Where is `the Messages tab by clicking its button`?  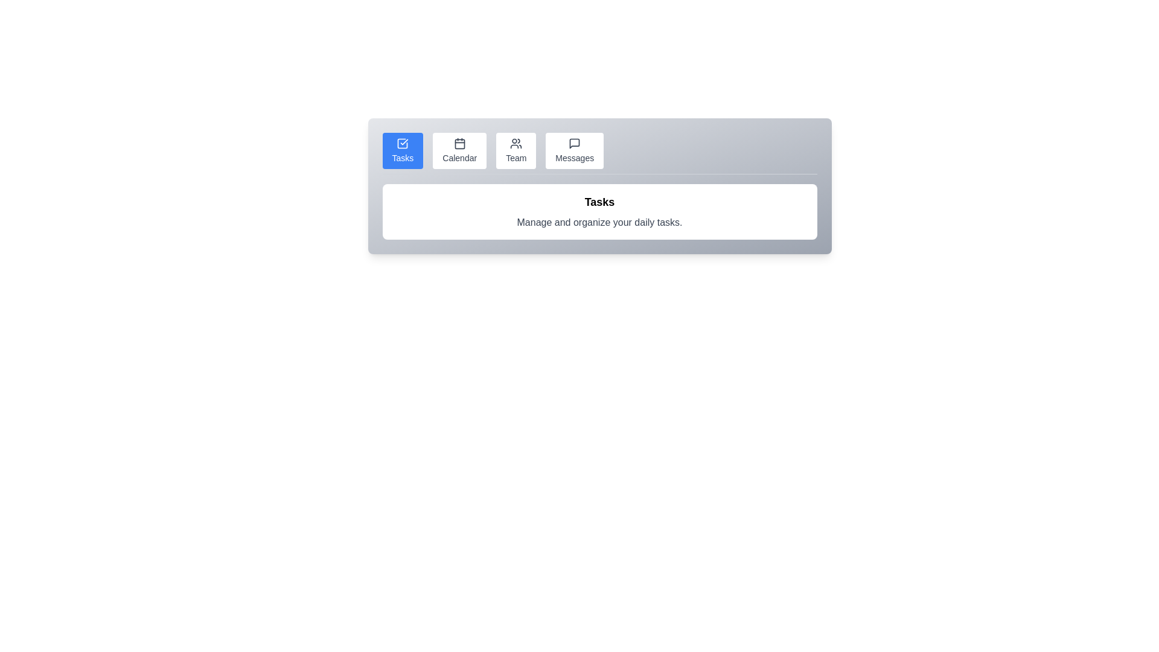 the Messages tab by clicking its button is located at coordinates (574, 150).